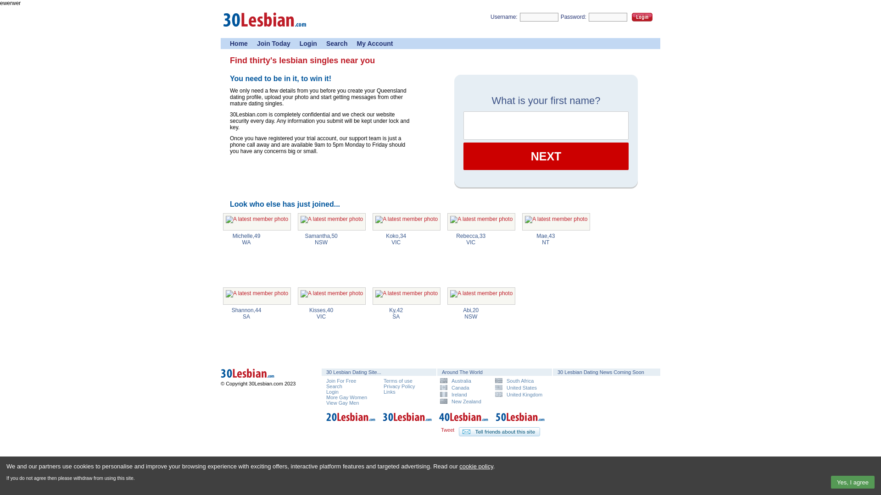  What do you see at coordinates (336, 44) in the screenshot?
I see `'Search'` at bounding box center [336, 44].